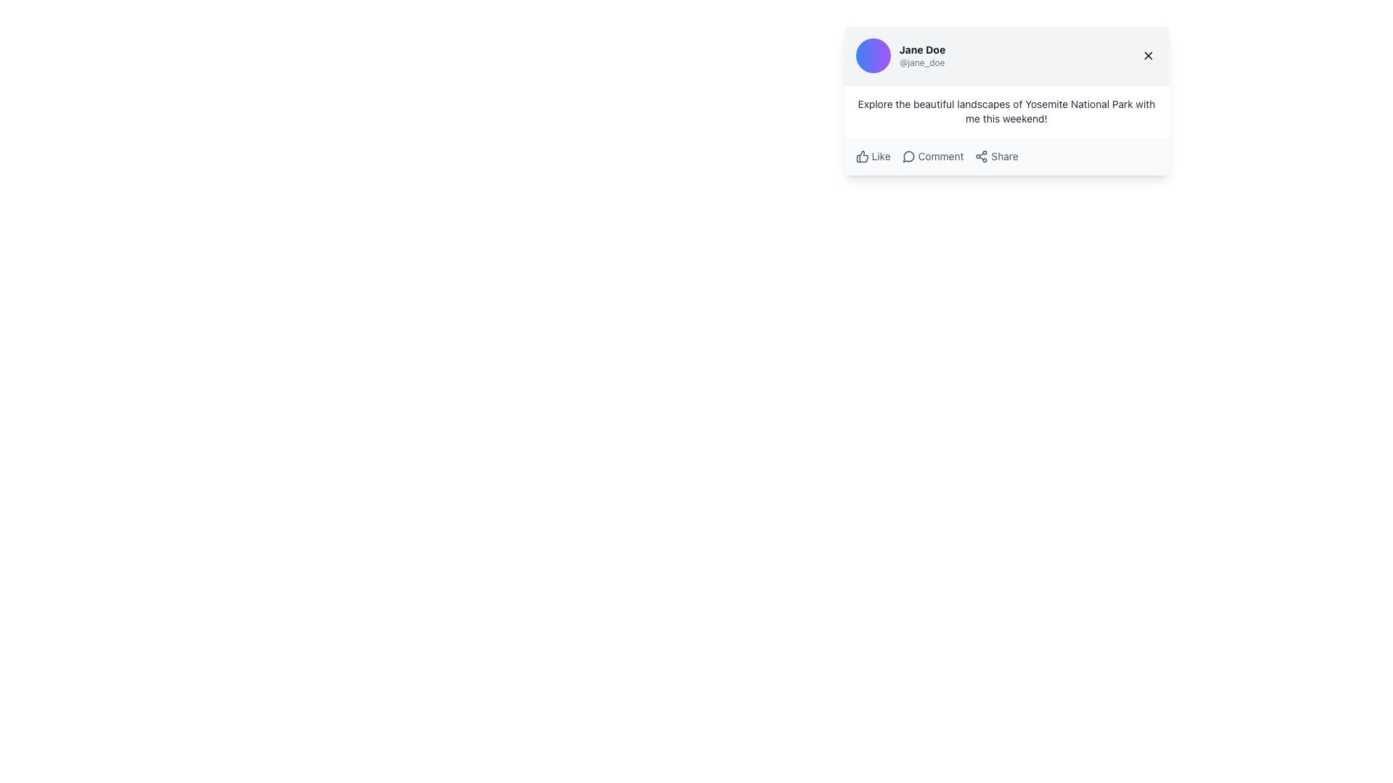 The image size is (1393, 783). What do you see at coordinates (862, 157) in the screenshot?
I see `the left-most thumbs-up icon in the group of interactive options beneath the text post` at bounding box center [862, 157].